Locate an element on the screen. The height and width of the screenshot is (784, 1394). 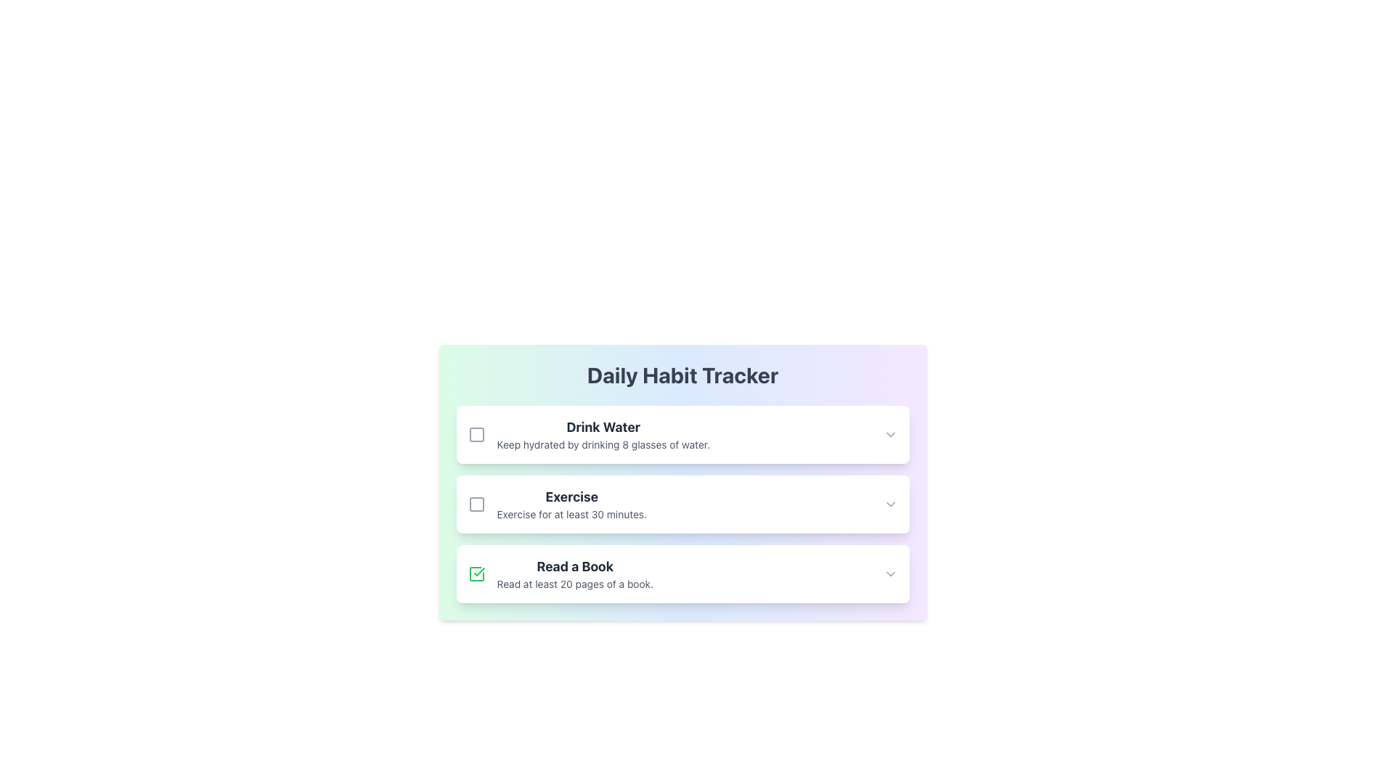
the expand/collapse icon in the top right corner of the 'Exercise' card is located at coordinates (889, 503).